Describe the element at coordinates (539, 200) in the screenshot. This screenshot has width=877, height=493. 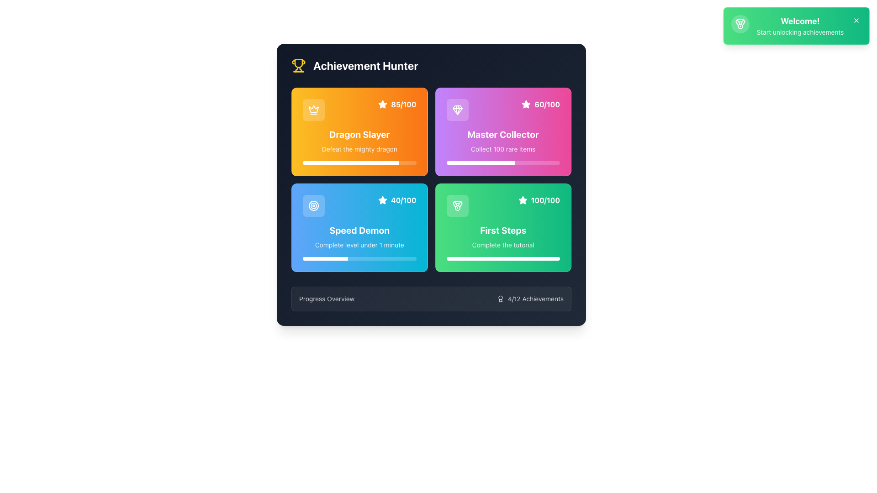
I see `the label displaying a white star icon followed by the bold text '100/100' located in the bottom-right of the 'First Steps' achievement card` at that location.